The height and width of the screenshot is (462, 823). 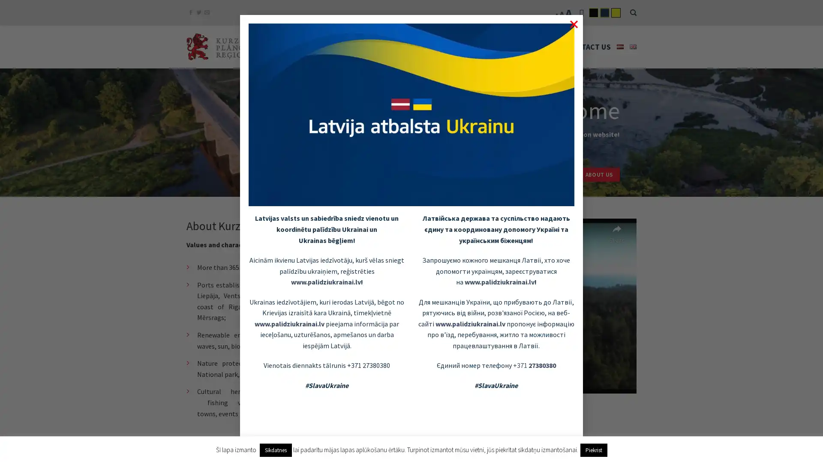 What do you see at coordinates (275, 450) in the screenshot?
I see `Sikdatnes` at bounding box center [275, 450].